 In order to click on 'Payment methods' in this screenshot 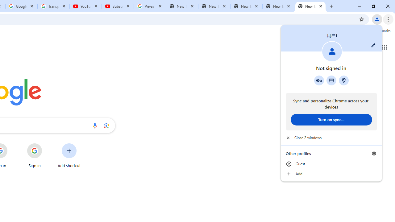, I will do `click(331, 80)`.